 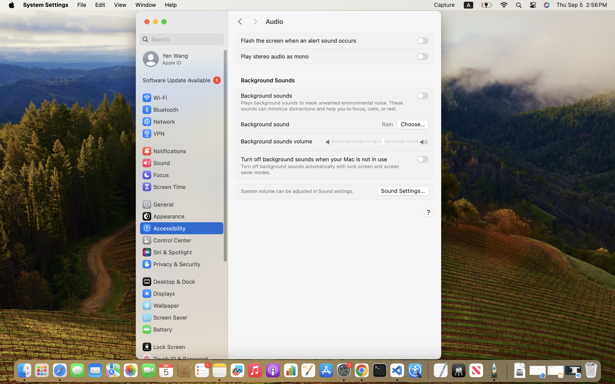 I want to click on 'System volume can be adjusted in Sound settings.', so click(x=297, y=191).